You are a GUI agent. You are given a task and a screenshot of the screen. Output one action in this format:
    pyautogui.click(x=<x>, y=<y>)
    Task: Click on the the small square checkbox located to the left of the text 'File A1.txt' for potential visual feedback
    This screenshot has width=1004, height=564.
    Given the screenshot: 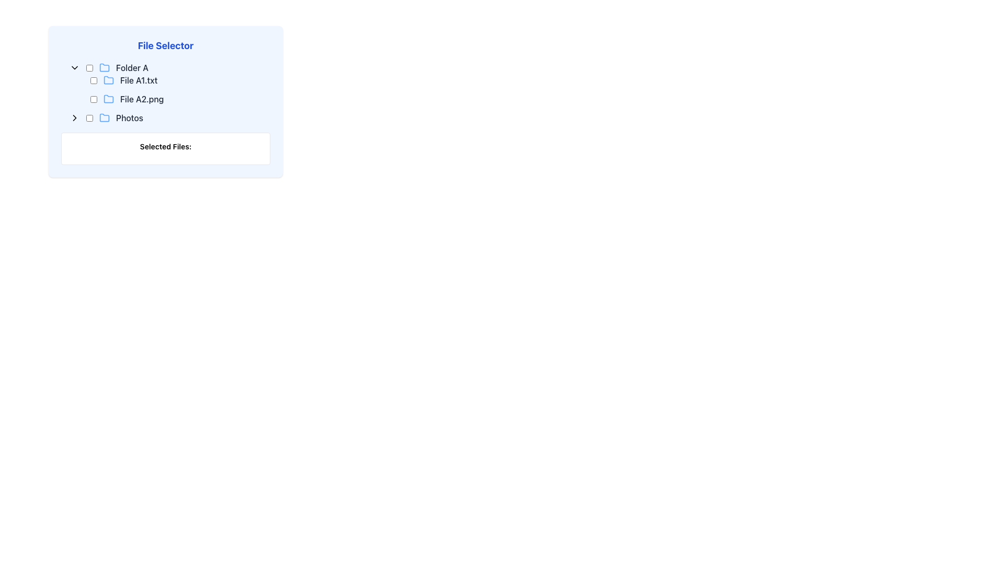 What is the action you would take?
    pyautogui.click(x=94, y=80)
    